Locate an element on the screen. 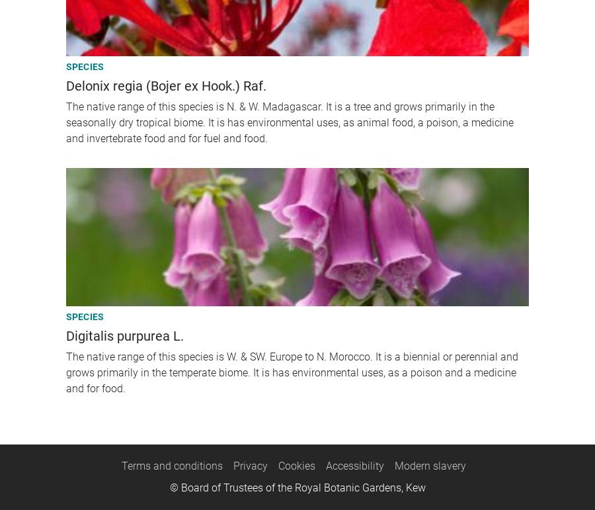 Image resolution: width=595 pixels, height=510 pixels. 'Delonix regia (Bojer ex Hook.) Raf.' is located at coordinates (65, 85).